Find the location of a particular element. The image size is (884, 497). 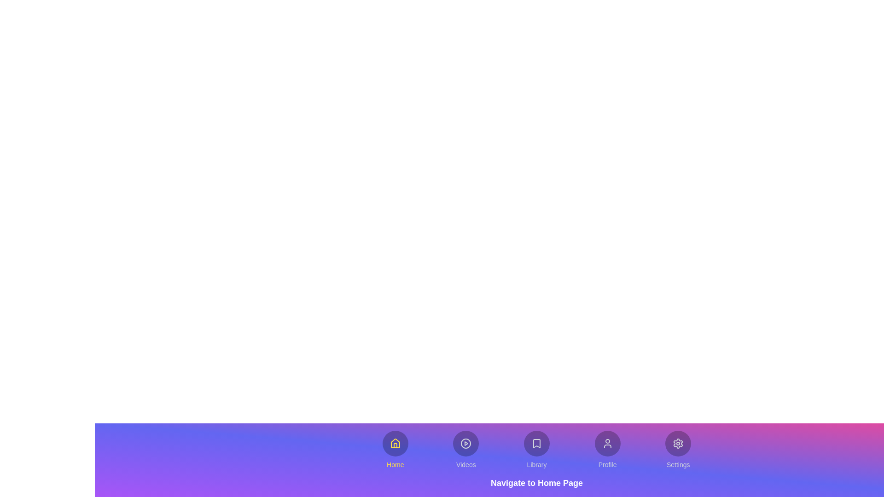

the button labeled Settings to explore its hover effects is located at coordinates (678, 450).